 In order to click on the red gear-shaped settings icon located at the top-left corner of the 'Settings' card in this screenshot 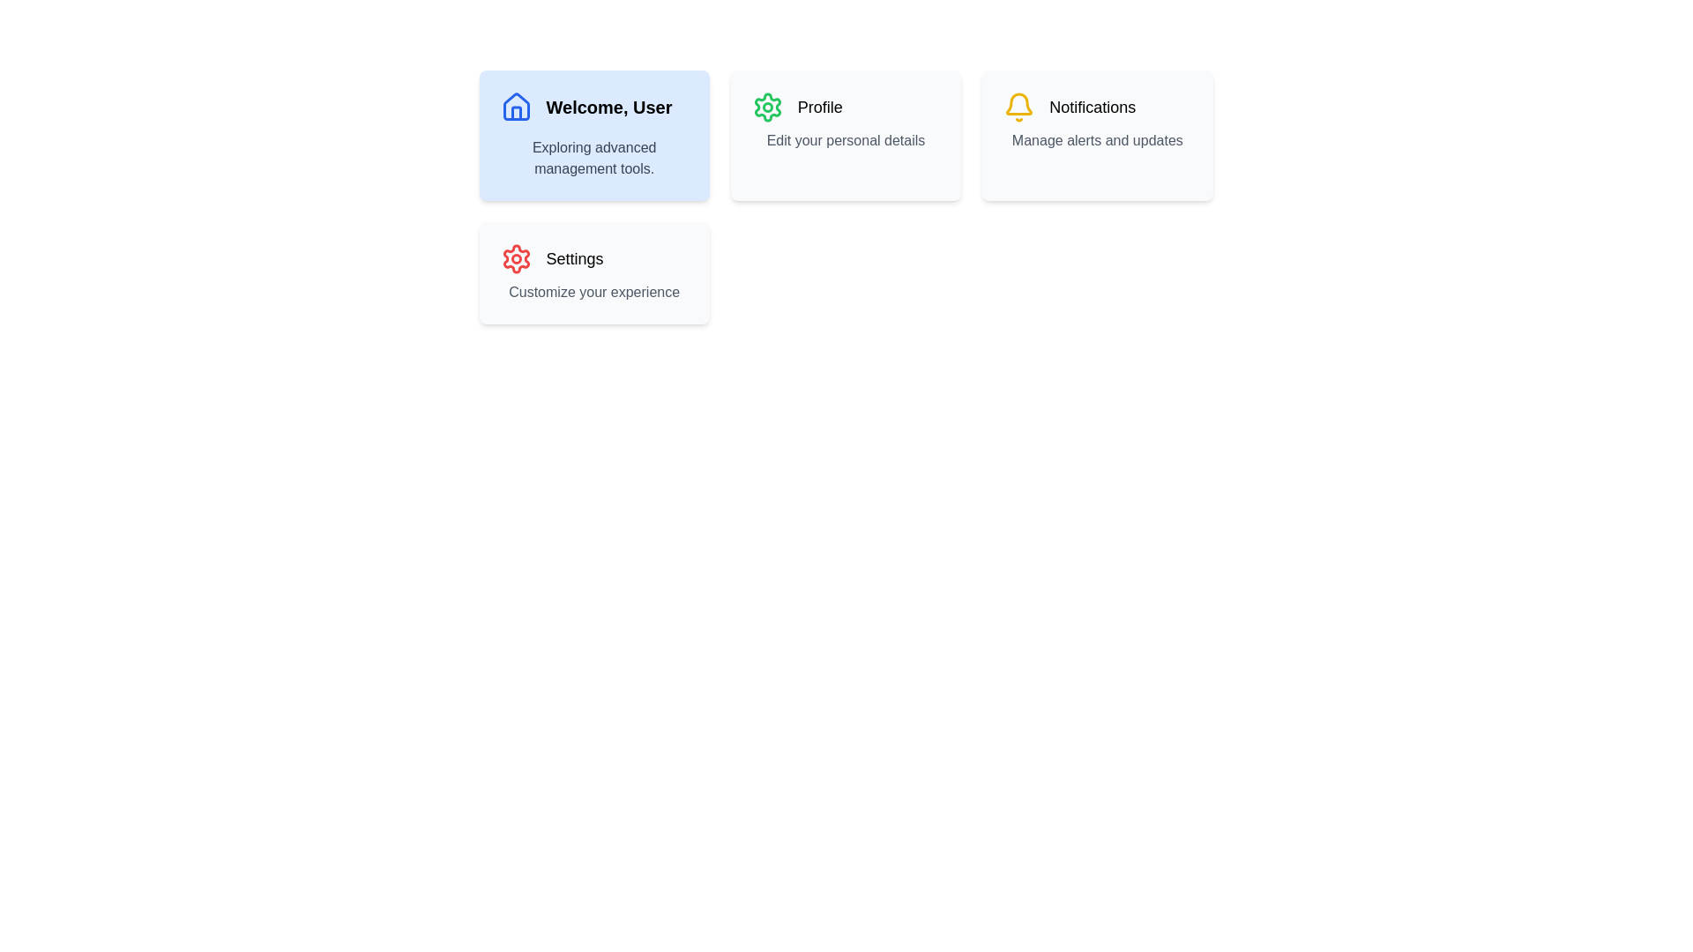, I will do `click(515, 258)`.